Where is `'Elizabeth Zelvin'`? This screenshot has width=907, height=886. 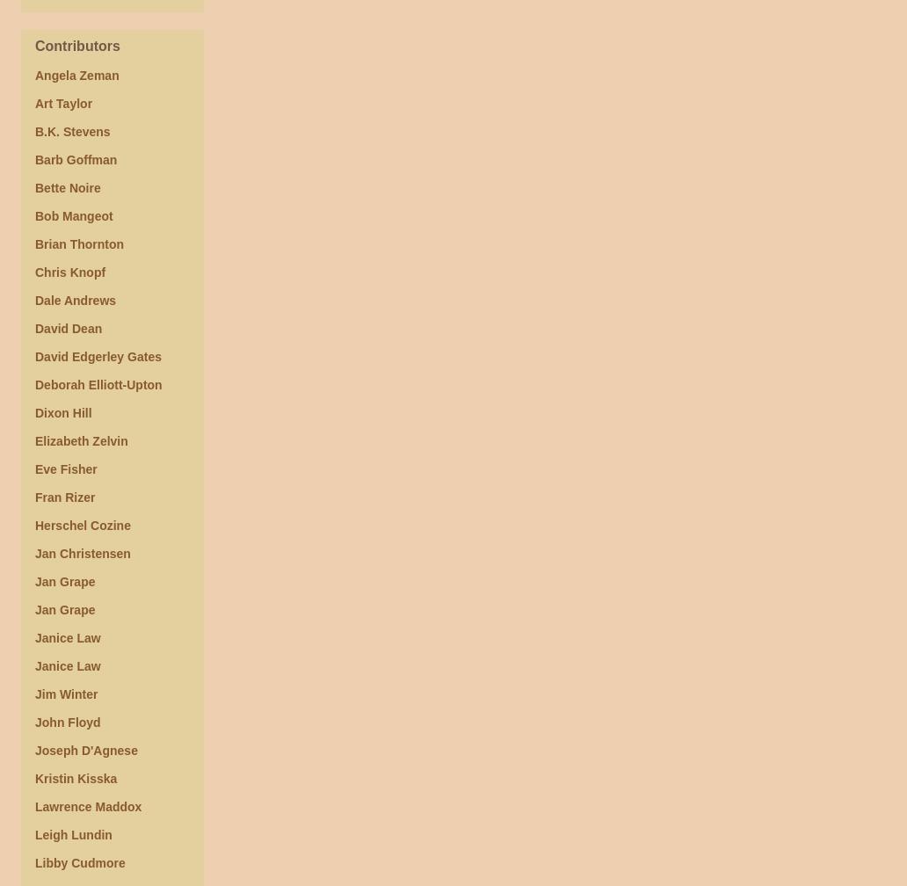 'Elizabeth Zelvin' is located at coordinates (81, 440).